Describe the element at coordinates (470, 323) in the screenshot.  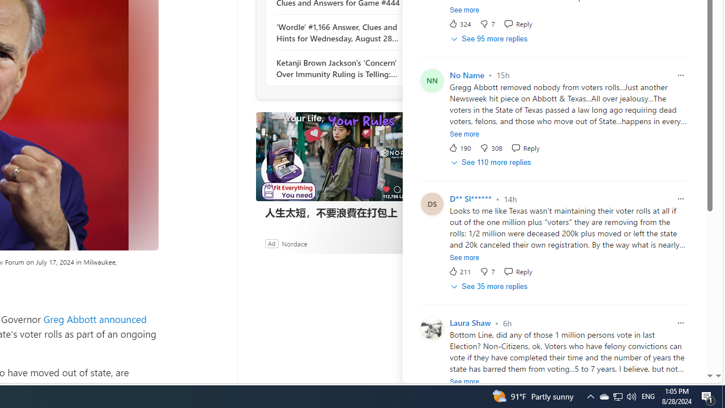
I see `'Laura Shaw'` at that location.